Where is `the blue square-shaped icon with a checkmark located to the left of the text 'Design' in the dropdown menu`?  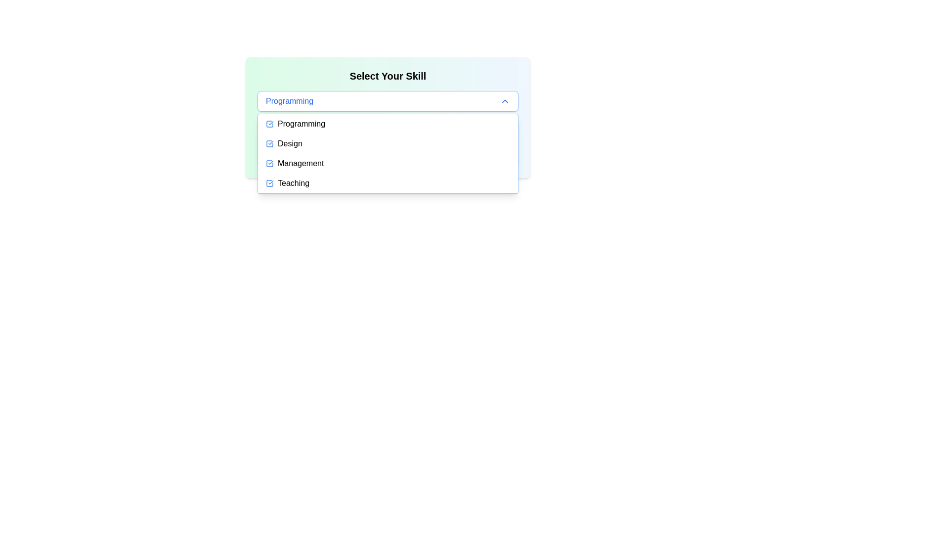 the blue square-shaped icon with a checkmark located to the left of the text 'Design' in the dropdown menu is located at coordinates (270, 143).